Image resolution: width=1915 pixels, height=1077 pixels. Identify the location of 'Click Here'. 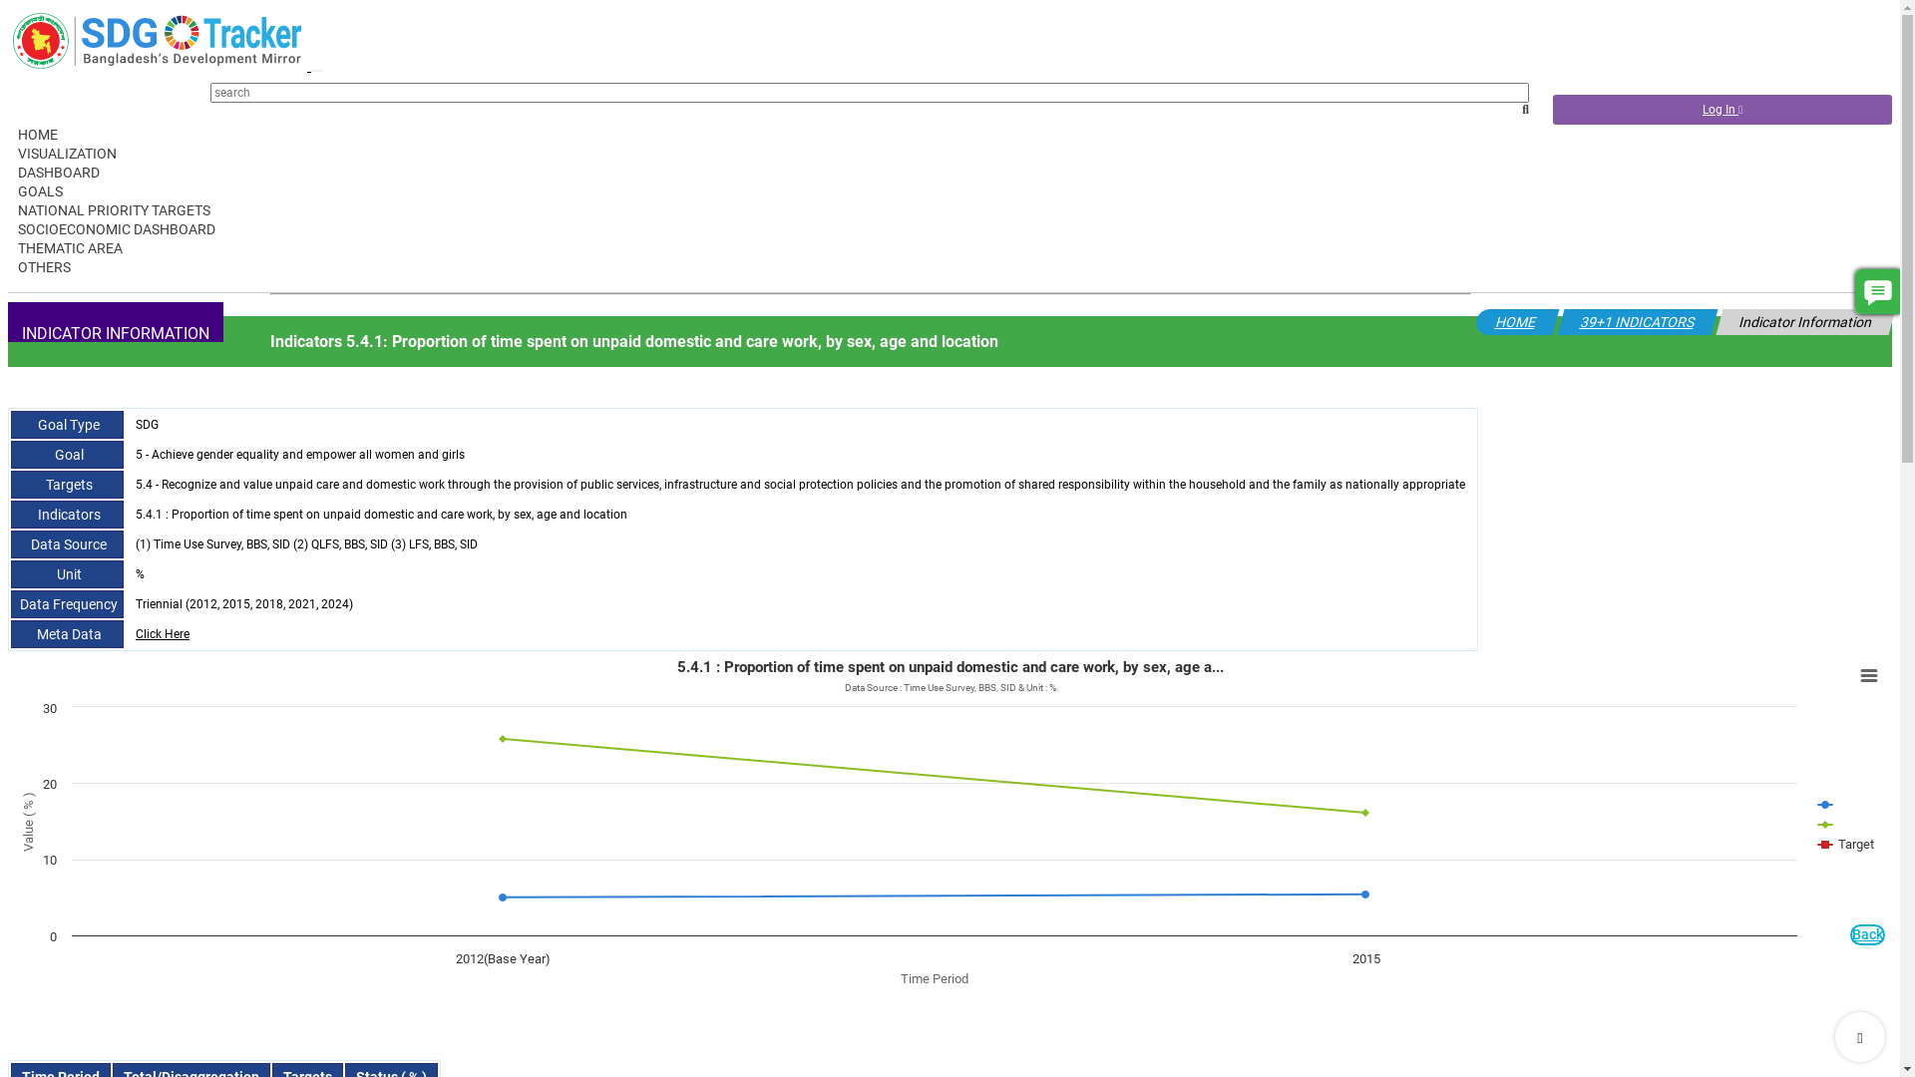
(163, 634).